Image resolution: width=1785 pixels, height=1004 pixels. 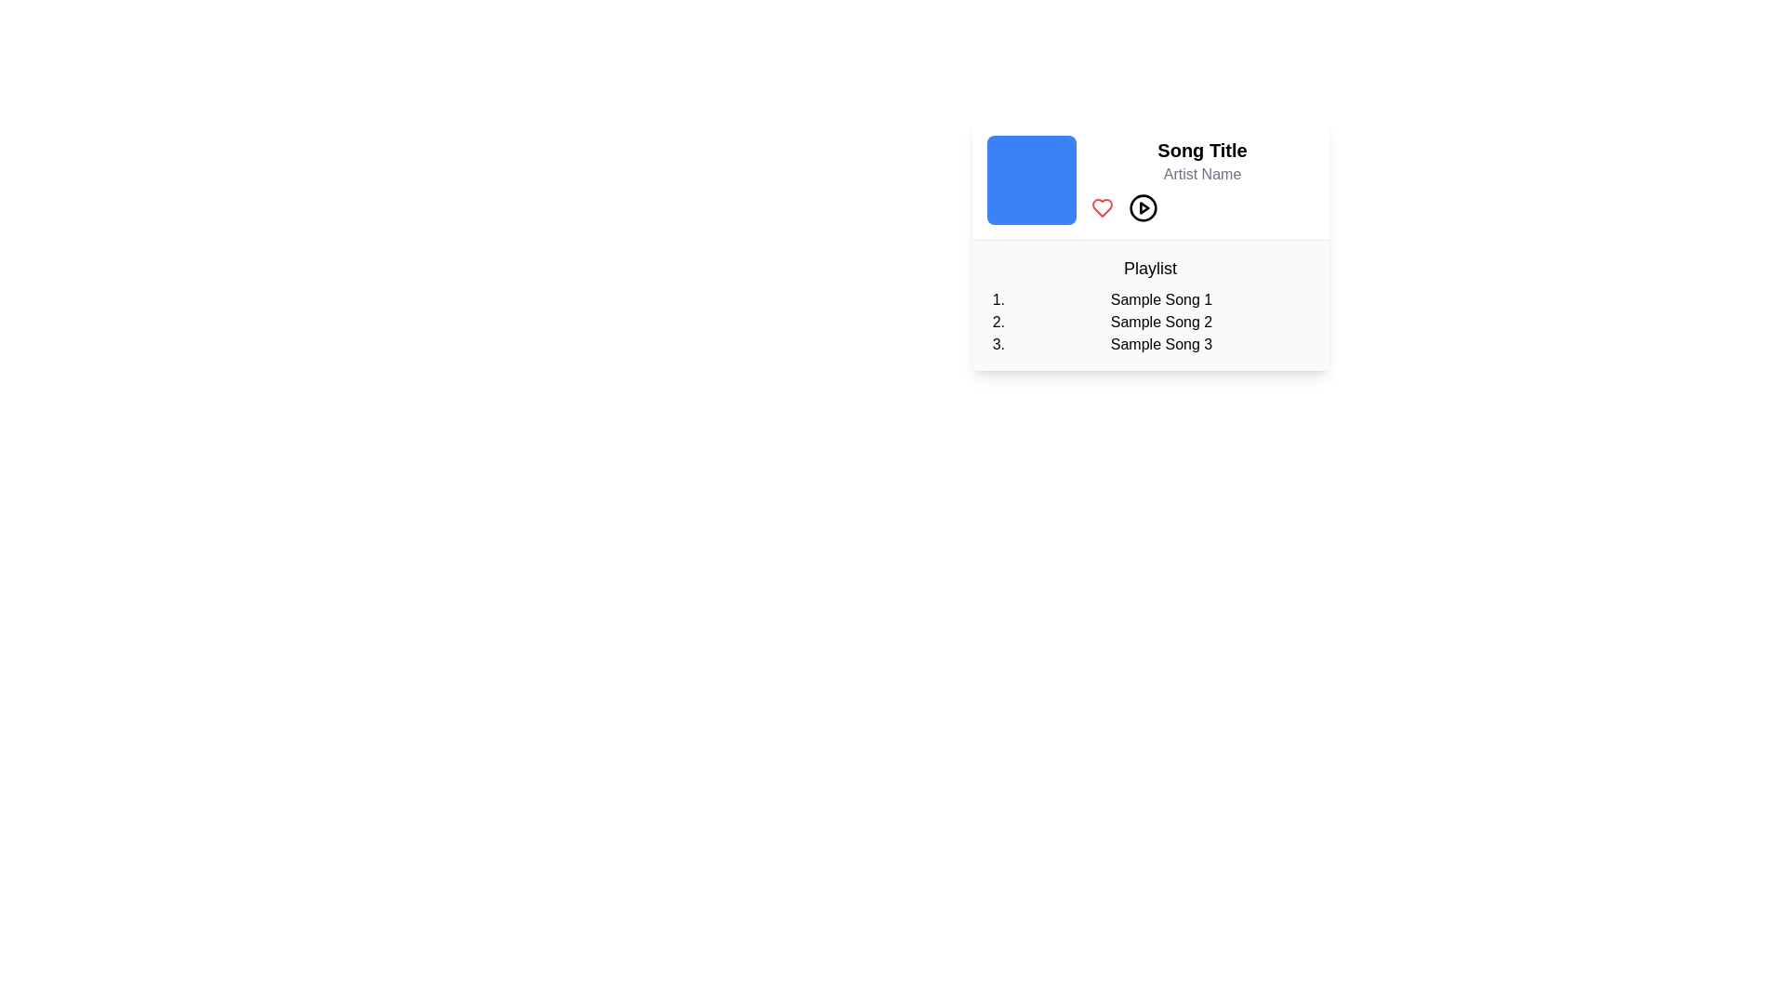 I want to click on the favorite icon located at the upper-right area of the media card to like or favorite the item, so click(x=1102, y=207).